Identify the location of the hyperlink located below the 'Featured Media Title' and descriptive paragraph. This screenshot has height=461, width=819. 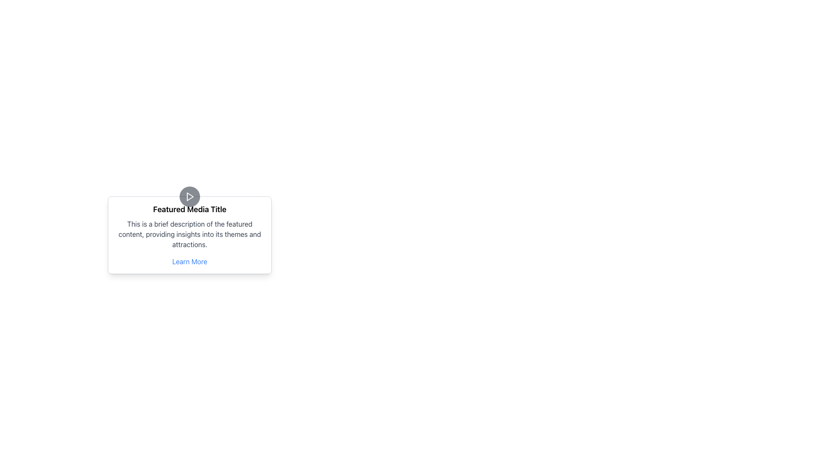
(189, 261).